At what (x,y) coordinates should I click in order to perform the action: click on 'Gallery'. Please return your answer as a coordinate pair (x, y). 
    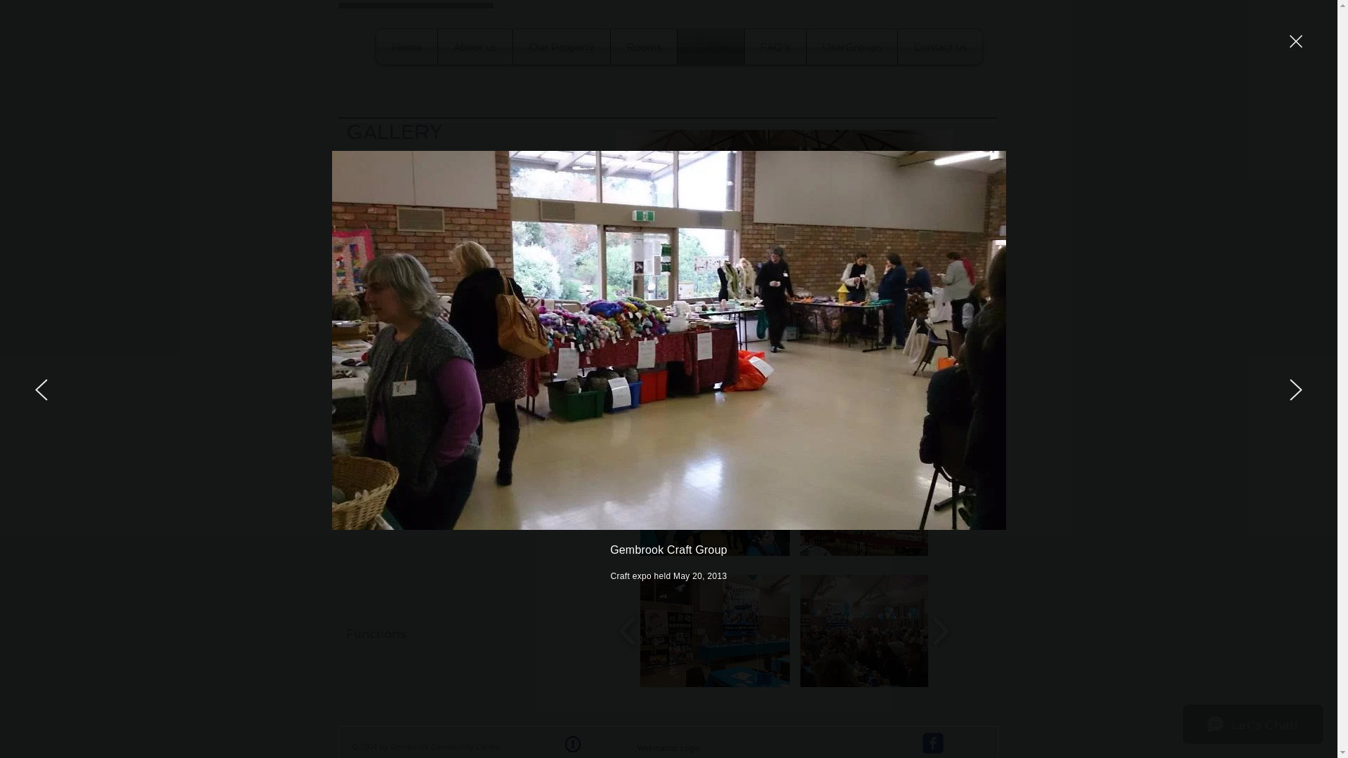
    Looking at the image, I should click on (710, 46).